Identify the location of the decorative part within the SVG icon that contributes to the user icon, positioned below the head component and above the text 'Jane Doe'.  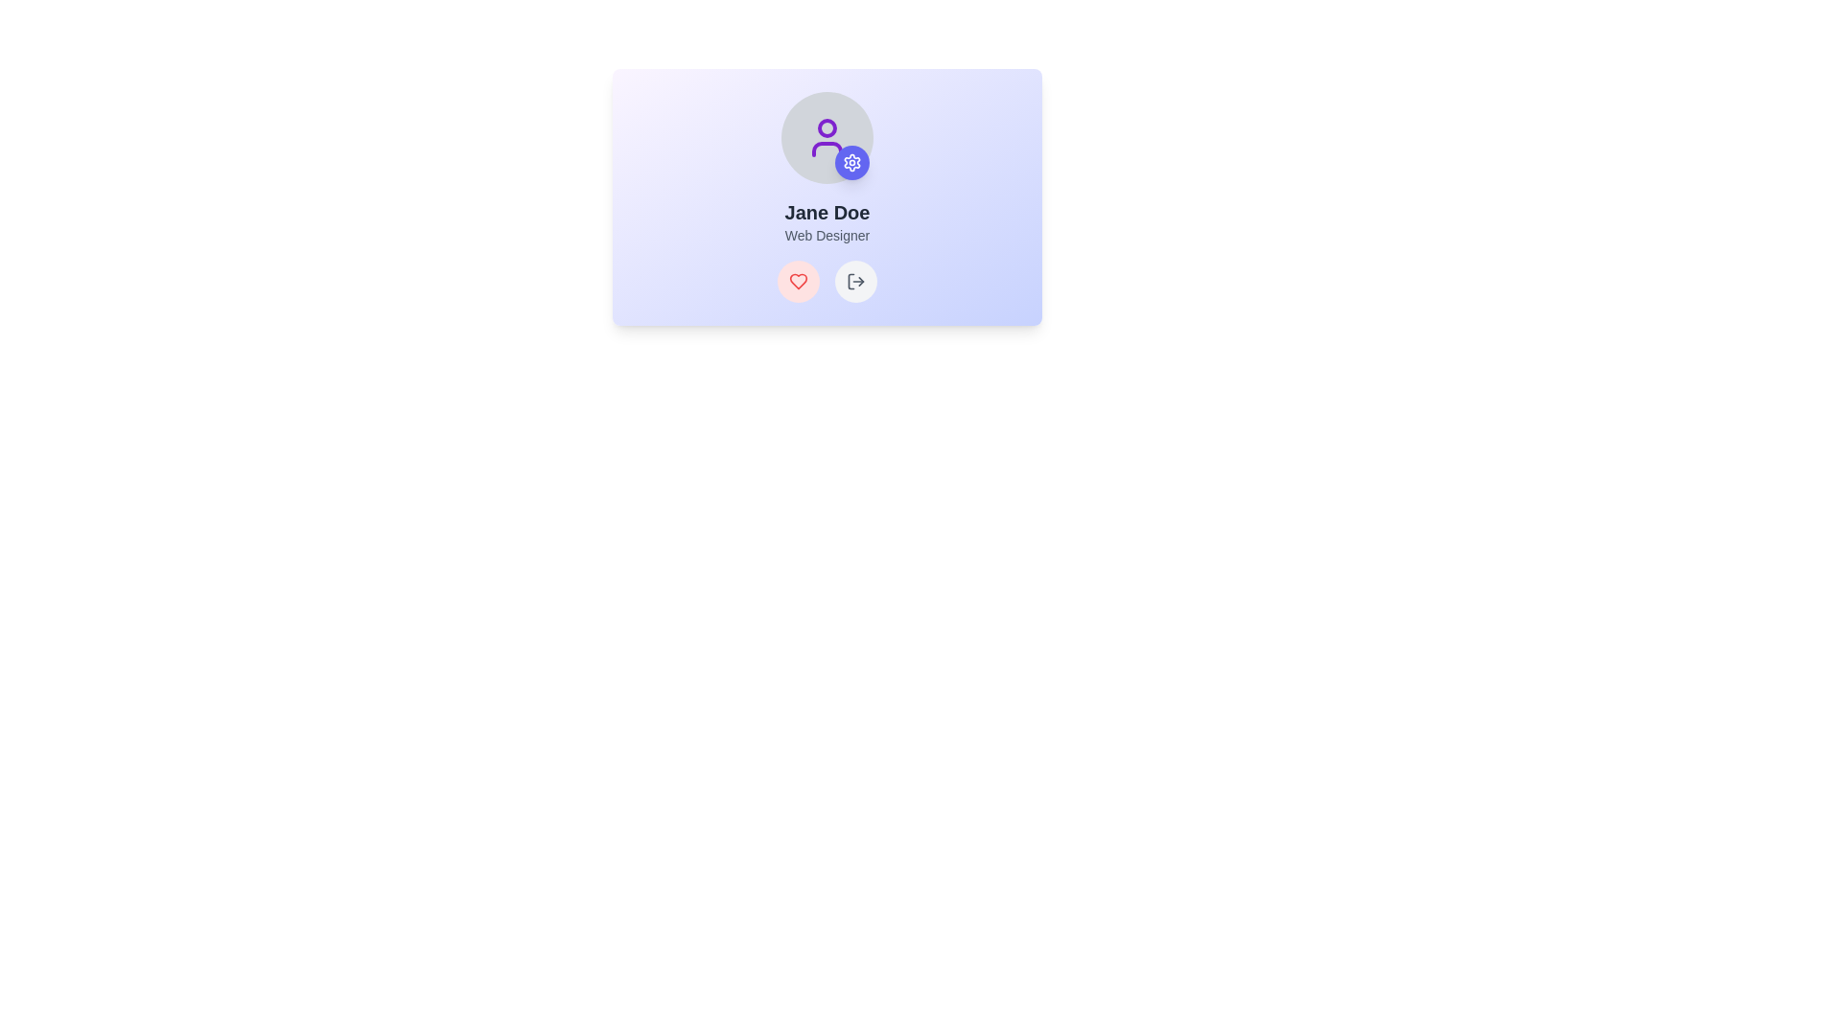
(827, 148).